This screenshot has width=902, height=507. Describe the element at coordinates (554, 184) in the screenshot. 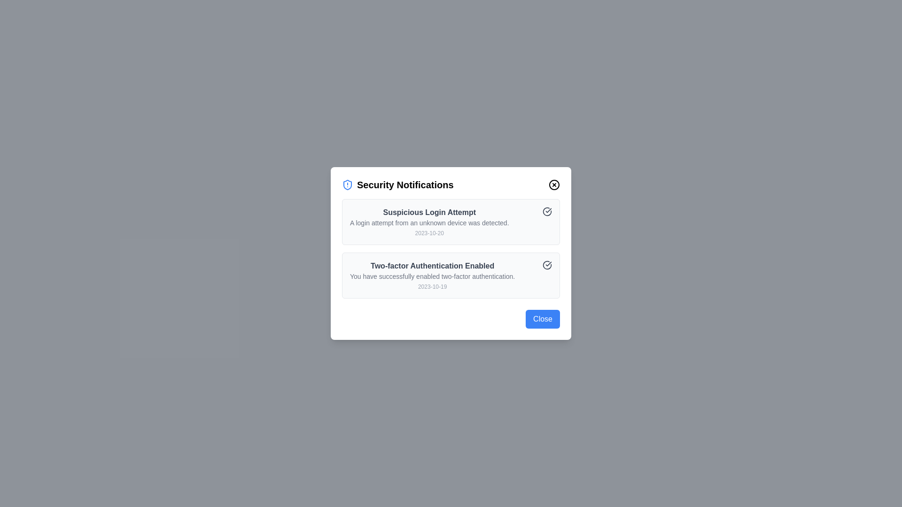

I see `the decorative SVG Circle element of the close icon located at the top-right corner of the notification dialog box` at that location.